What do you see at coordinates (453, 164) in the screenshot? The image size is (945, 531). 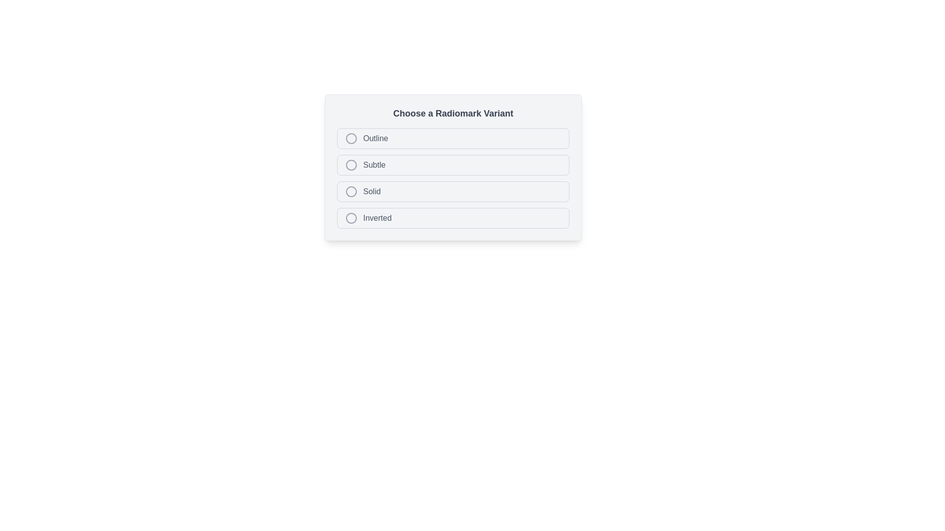 I see `the circular graphic of the second radio button labeled 'Subtle'` at bounding box center [453, 164].